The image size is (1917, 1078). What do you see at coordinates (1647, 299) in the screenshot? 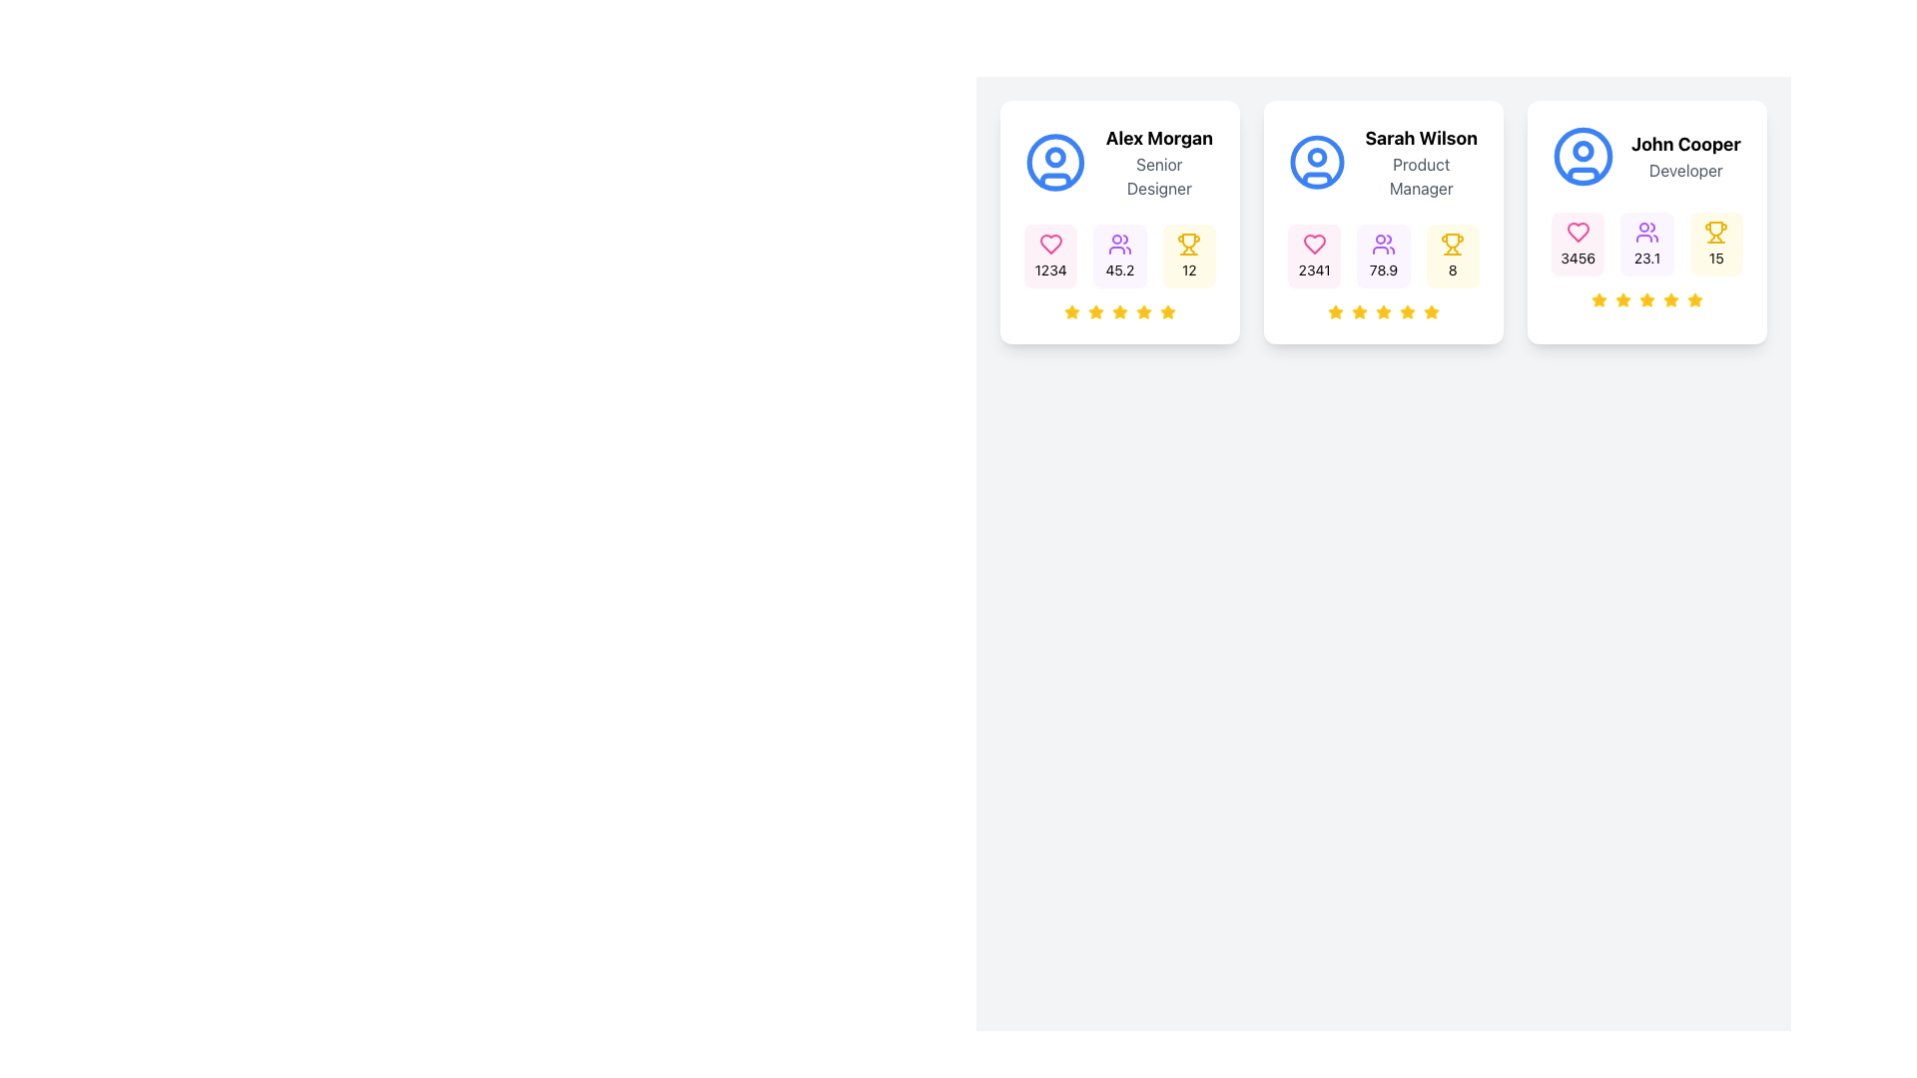
I see `the fourth yellow star icon in the row of rating stars below John Cooper's profile card` at bounding box center [1647, 299].